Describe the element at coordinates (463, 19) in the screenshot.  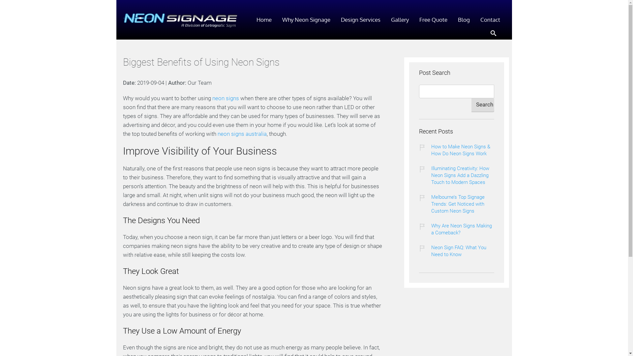
I see `'Blog'` at that location.